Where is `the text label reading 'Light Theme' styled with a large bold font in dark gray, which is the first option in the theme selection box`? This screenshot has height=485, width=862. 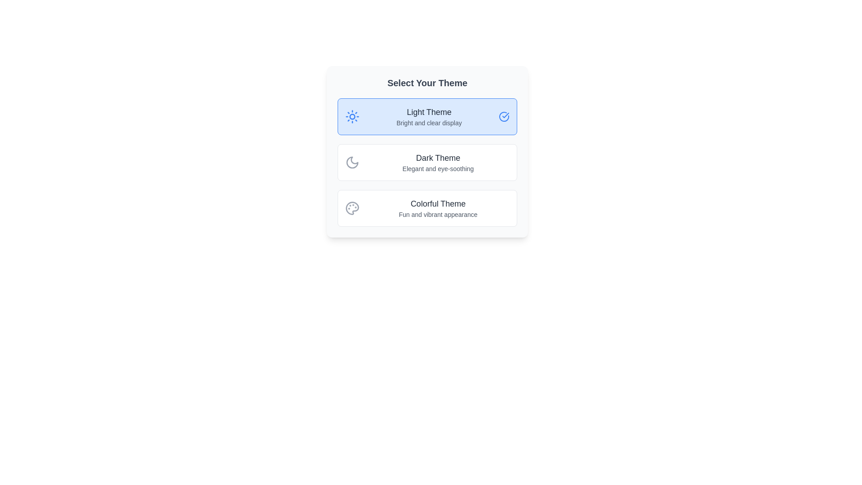 the text label reading 'Light Theme' styled with a large bold font in dark gray, which is the first option in the theme selection box is located at coordinates (428, 112).